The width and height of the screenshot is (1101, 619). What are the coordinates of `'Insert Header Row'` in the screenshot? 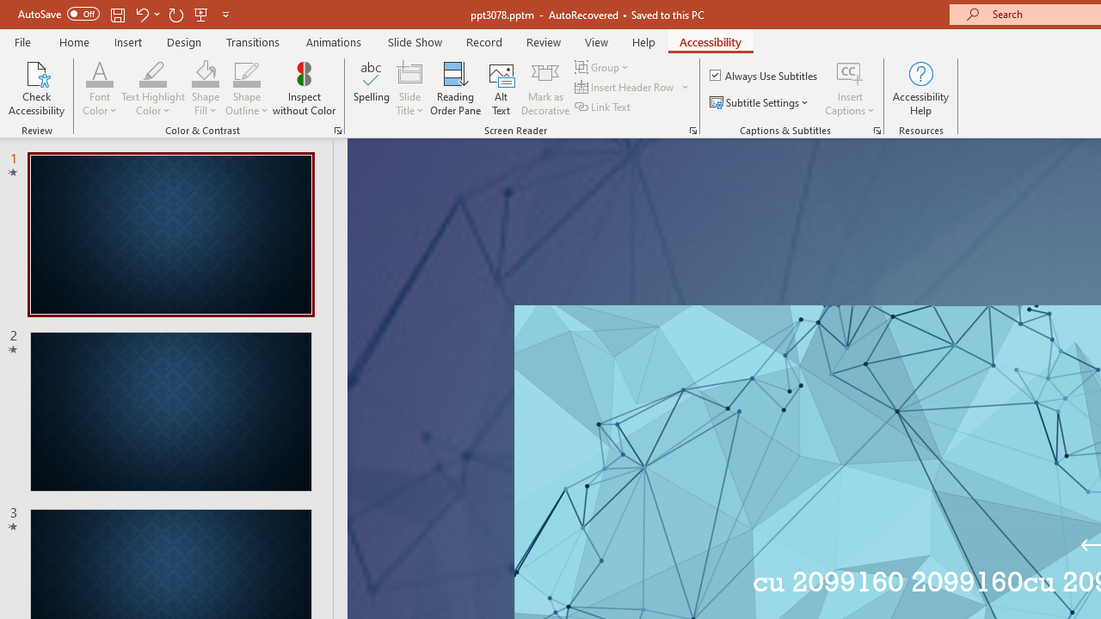 It's located at (624, 87).